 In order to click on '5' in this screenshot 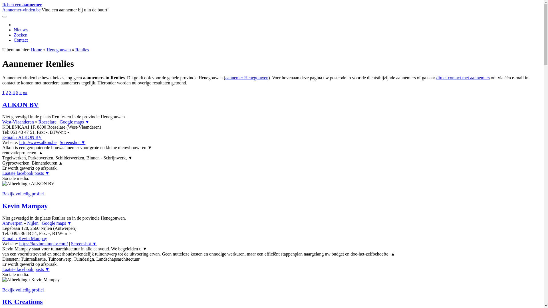, I will do `click(16, 92)`.